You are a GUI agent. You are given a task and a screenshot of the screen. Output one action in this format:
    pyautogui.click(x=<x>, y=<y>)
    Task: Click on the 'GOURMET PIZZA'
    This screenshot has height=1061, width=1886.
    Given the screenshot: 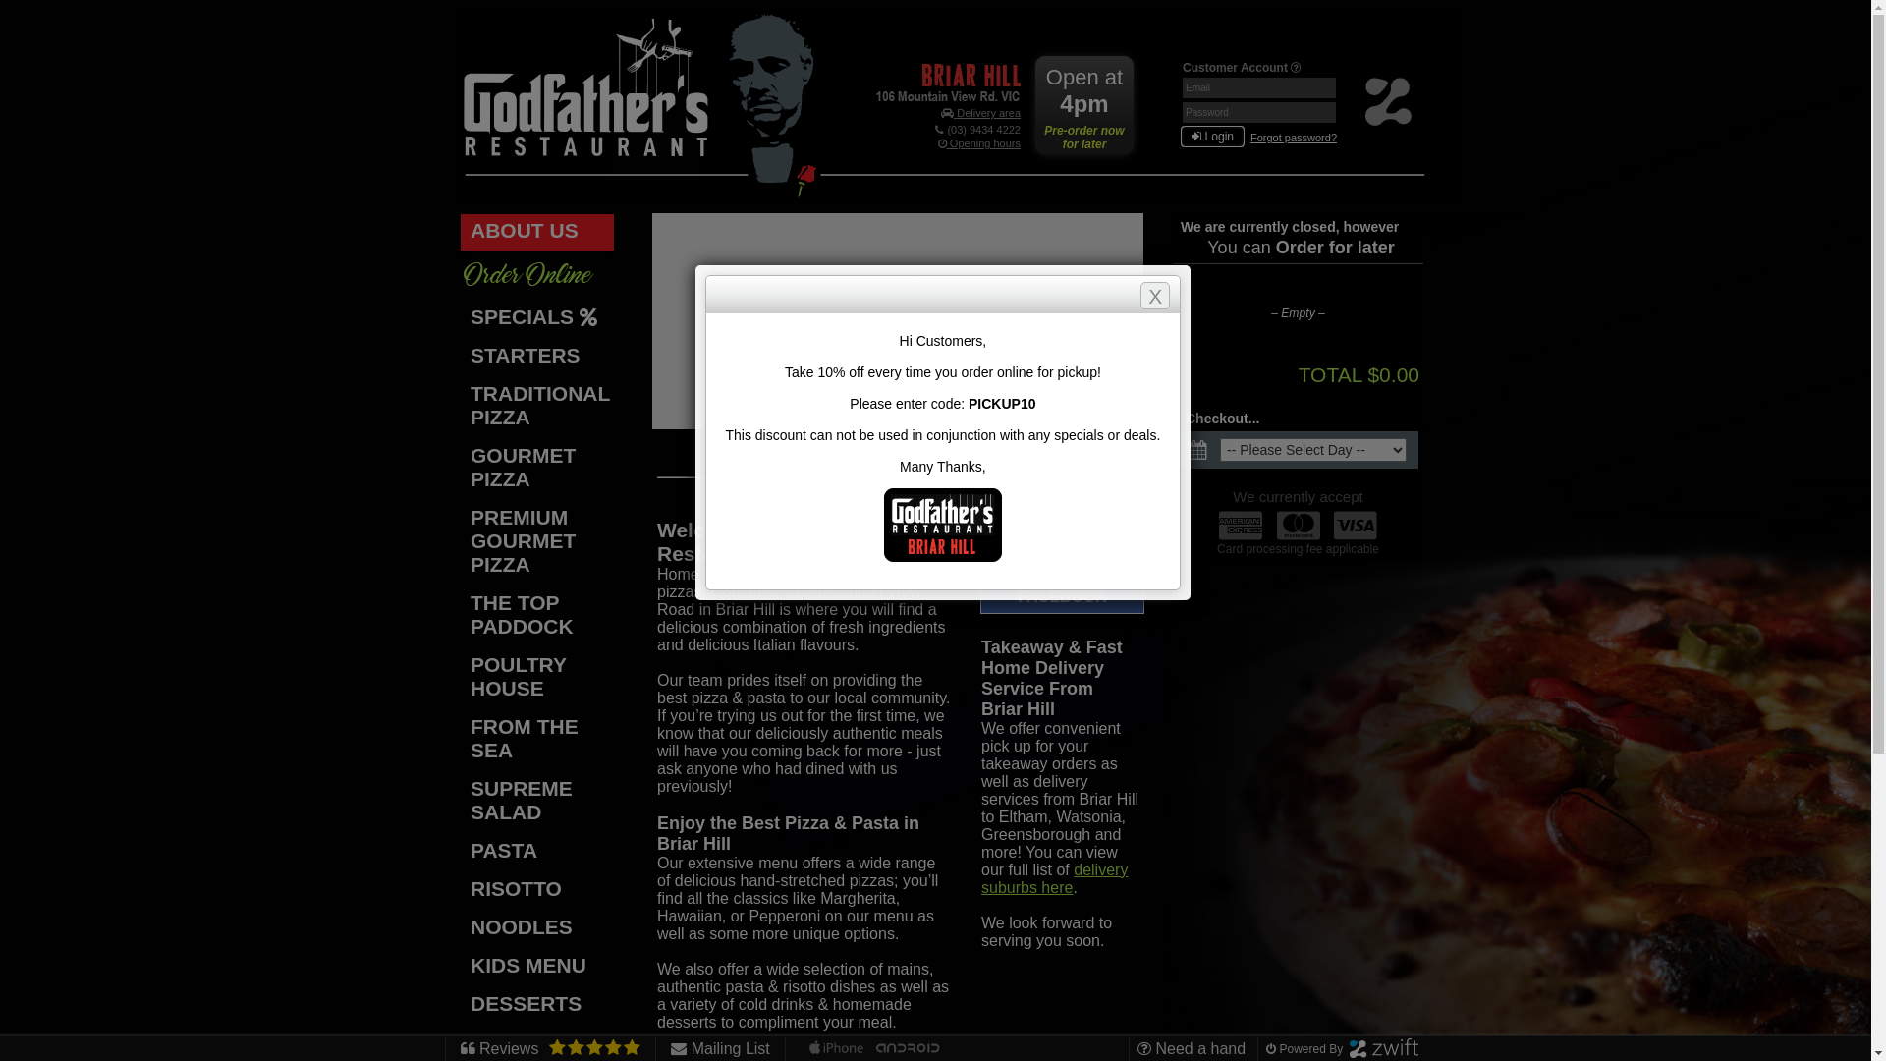 What is the action you would take?
    pyautogui.click(x=537, y=469)
    